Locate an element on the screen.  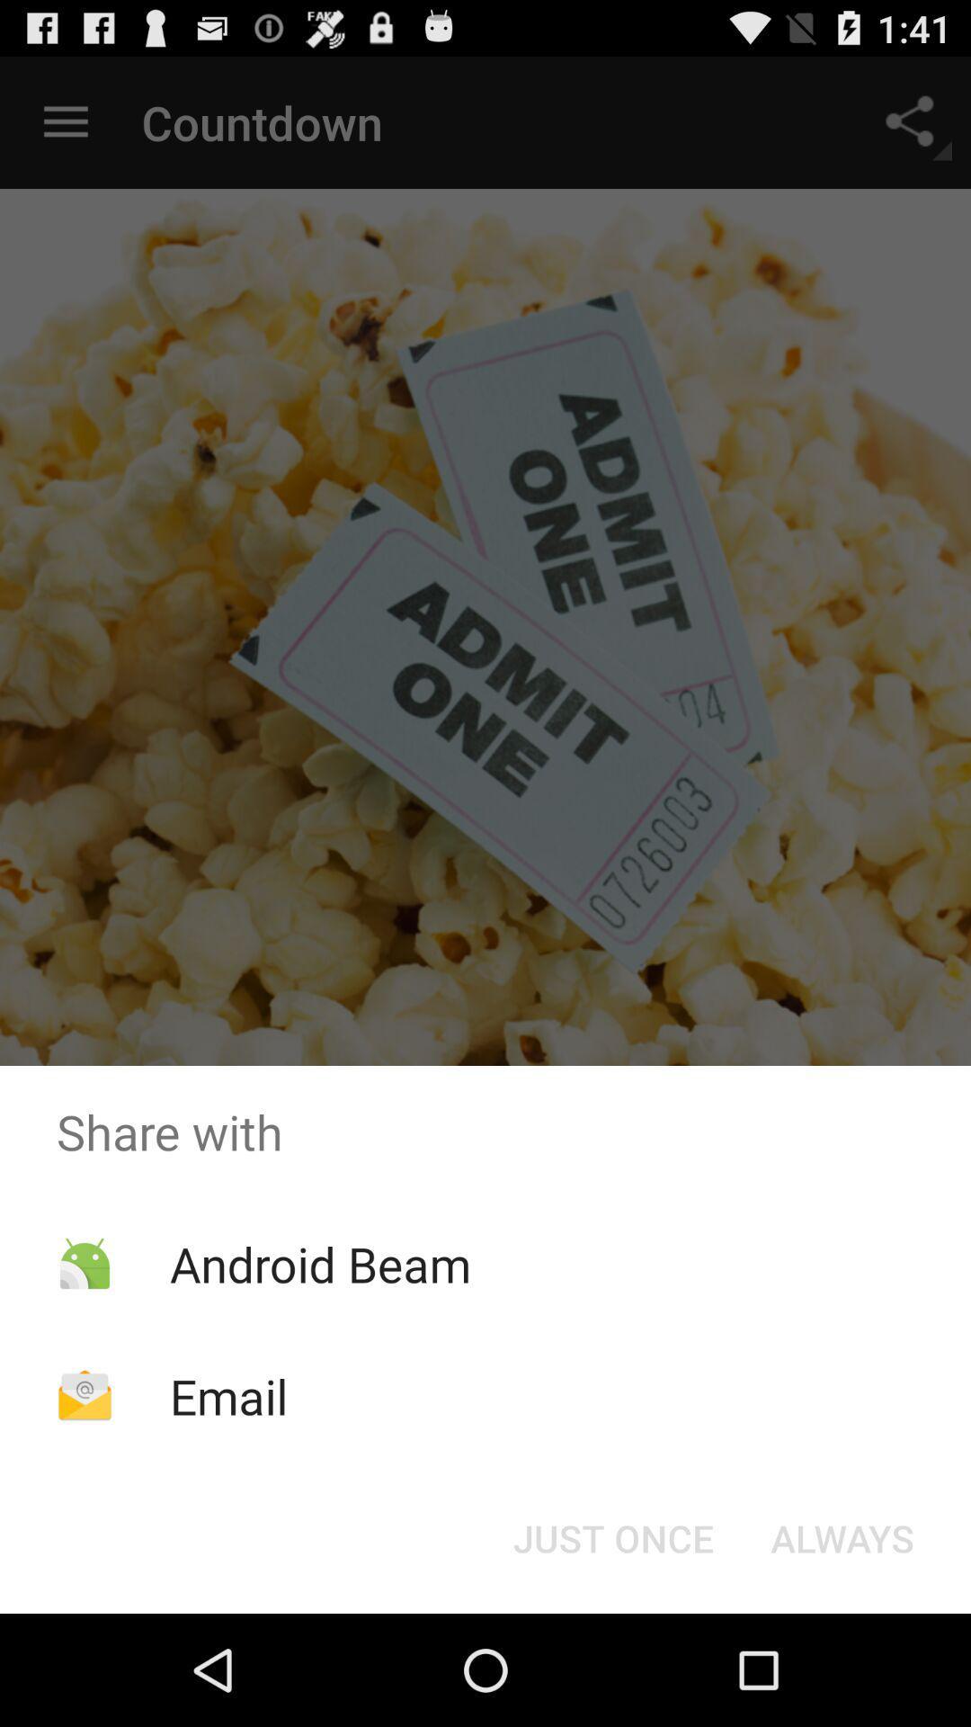
always icon is located at coordinates (842, 1536).